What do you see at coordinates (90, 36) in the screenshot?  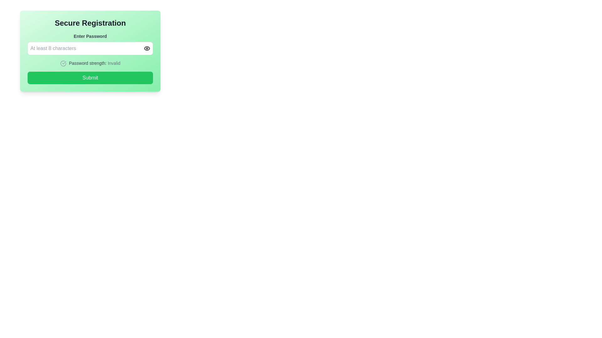 I see `the 'Enter Password' text label, which is styled in bold gray on a green background and serves as a label for the password input field below it` at bounding box center [90, 36].